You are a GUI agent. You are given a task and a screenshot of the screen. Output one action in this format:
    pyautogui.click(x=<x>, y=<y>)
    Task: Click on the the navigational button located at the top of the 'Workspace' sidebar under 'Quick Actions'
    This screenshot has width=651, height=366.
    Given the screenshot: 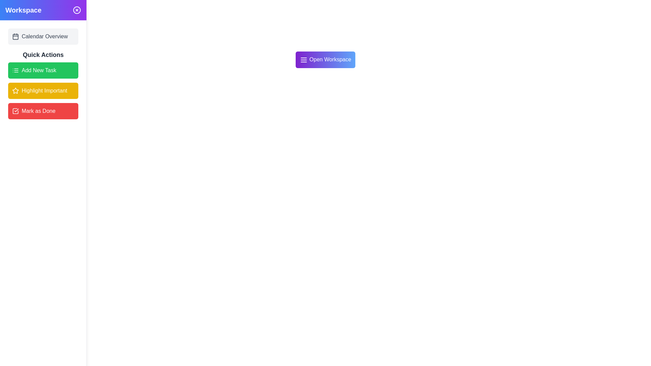 What is the action you would take?
    pyautogui.click(x=43, y=37)
    